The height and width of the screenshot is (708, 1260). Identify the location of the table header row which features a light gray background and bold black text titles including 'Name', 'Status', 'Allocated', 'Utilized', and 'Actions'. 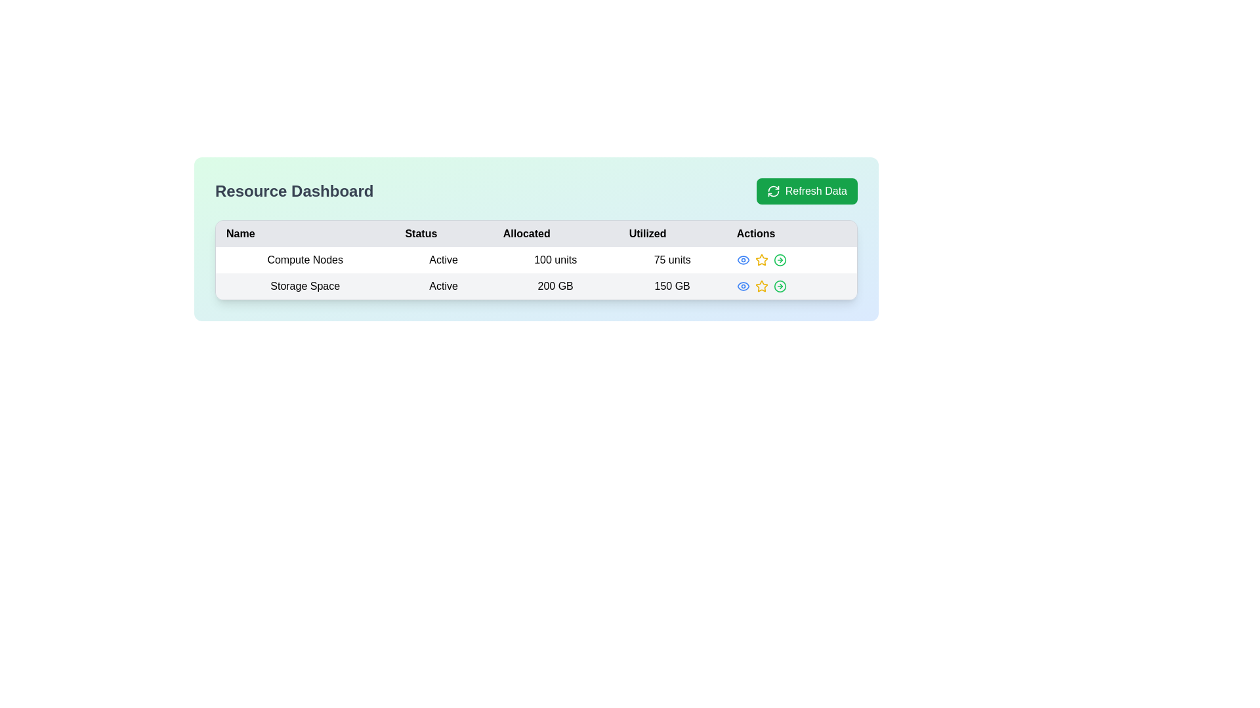
(536, 233).